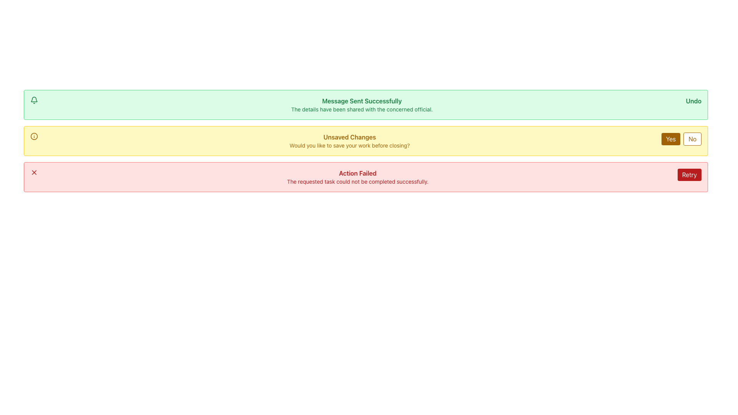 This screenshot has height=415, width=738. Describe the element at coordinates (34, 136) in the screenshot. I see `the circular yellow icon with an outlined border and an inner vertical line and dot arrangement, located to the left of the 'Unsaved Changes' warning message in the yellow notification panel` at that location.